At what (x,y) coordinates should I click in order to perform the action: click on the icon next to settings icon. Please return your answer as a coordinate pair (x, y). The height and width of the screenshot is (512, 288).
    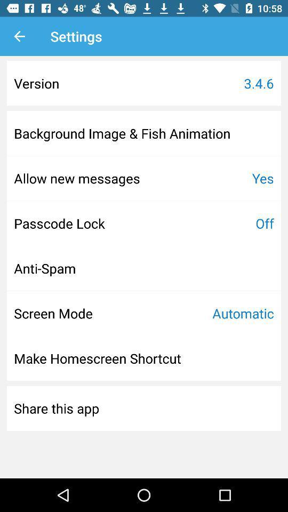
    Looking at the image, I should click on (19, 36).